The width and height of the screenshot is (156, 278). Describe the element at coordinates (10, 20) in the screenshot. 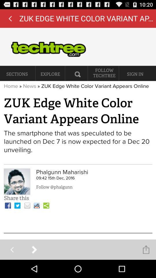

I see `the arrow_backward icon` at that location.